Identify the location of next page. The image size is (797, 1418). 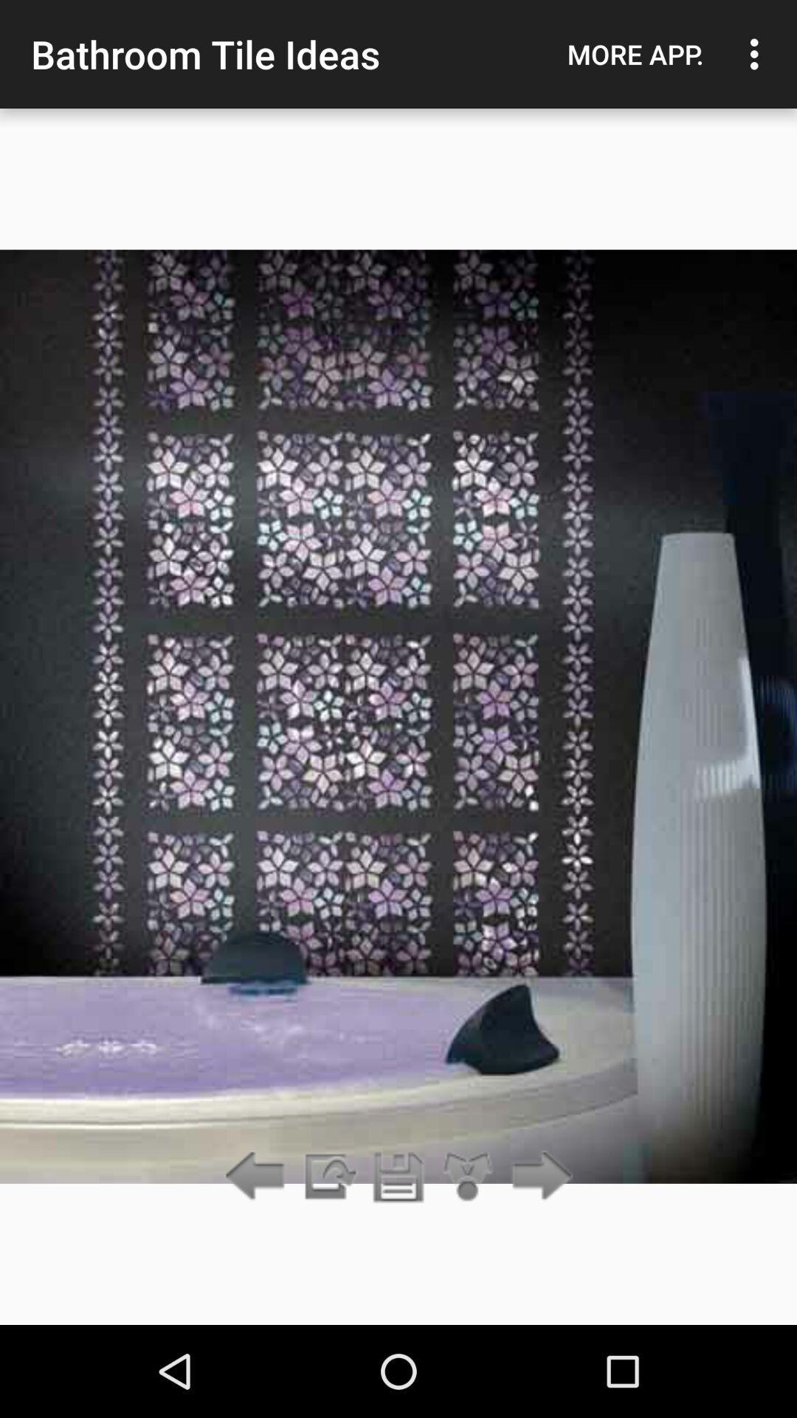
(538, 1176).